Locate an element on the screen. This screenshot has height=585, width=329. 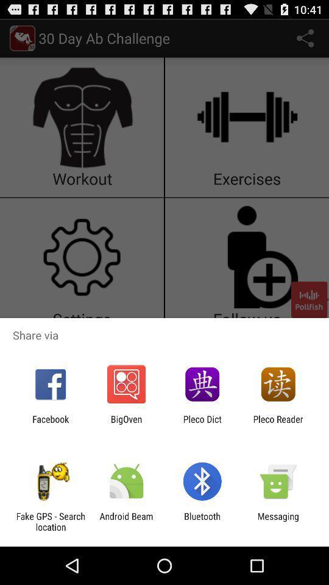
app to the right of facebook icon is located at coordinates (126, 424).